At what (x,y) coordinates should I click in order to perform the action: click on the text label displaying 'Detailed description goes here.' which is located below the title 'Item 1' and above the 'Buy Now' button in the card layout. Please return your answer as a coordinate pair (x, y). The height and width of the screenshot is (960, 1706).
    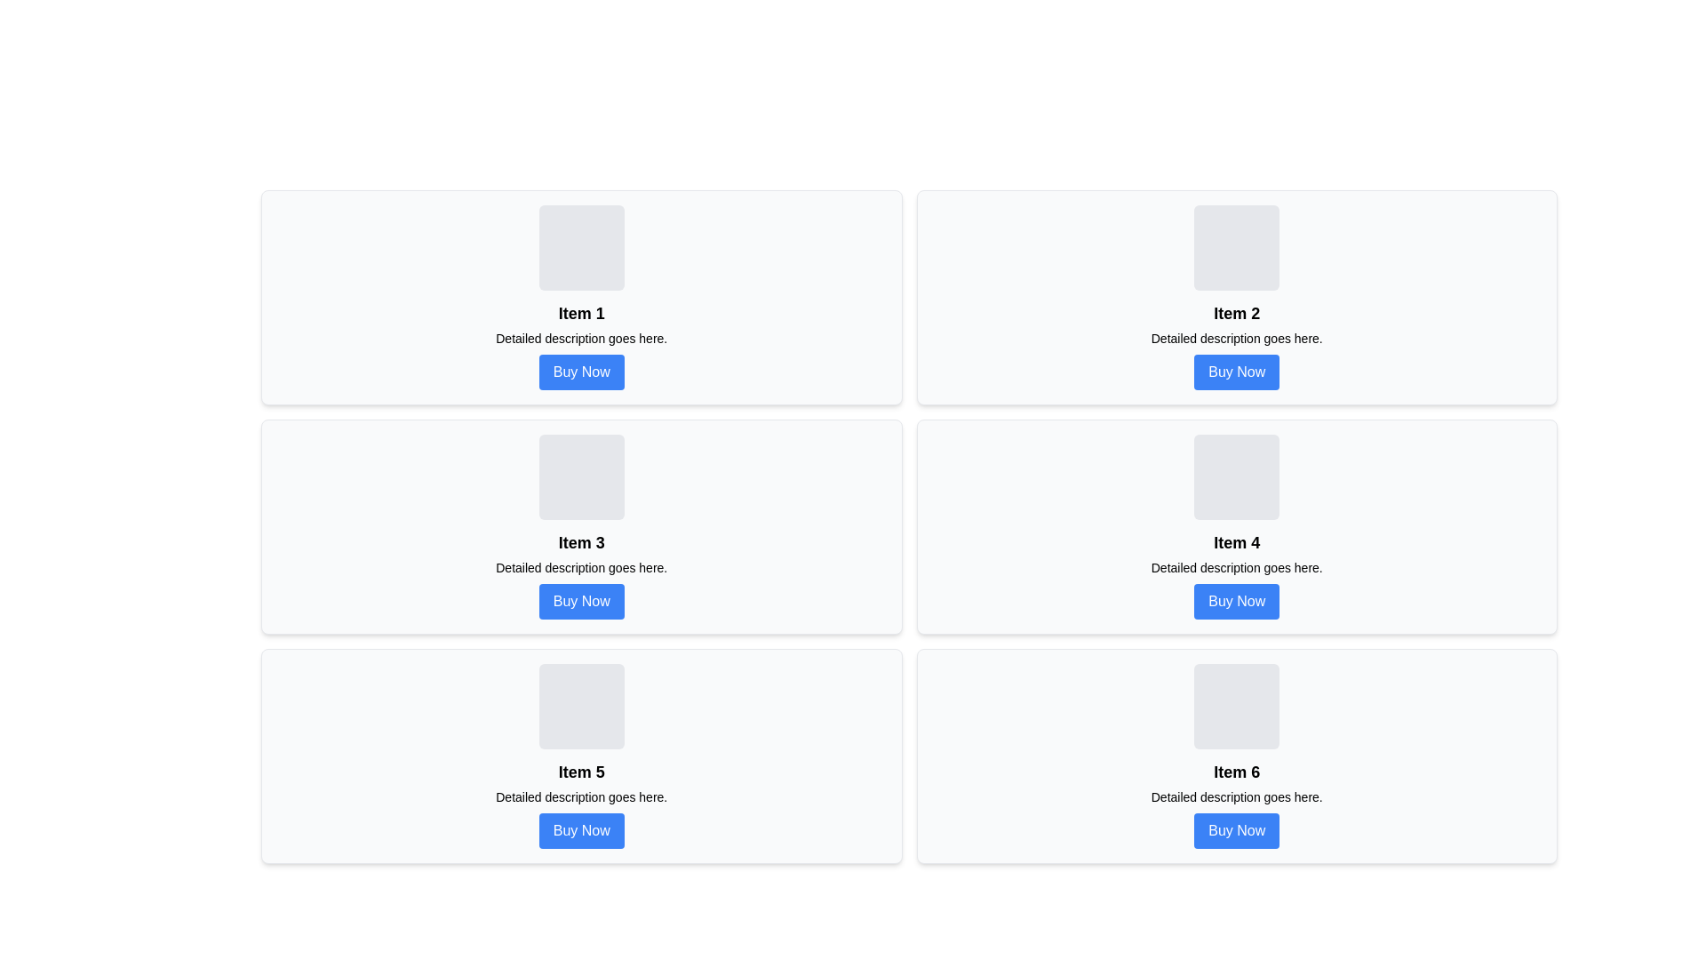
    Looking at the image, I should click on (581, 339).